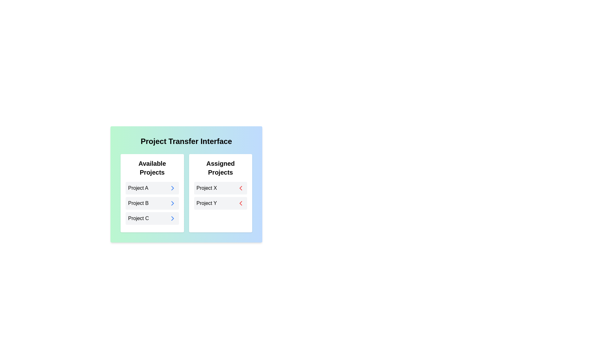 This screenshot has width=606, height=341. Describe the element at coordinates (152, 203) in the screenshot. I see `the second item in the 'Available Projects' list` at that location.